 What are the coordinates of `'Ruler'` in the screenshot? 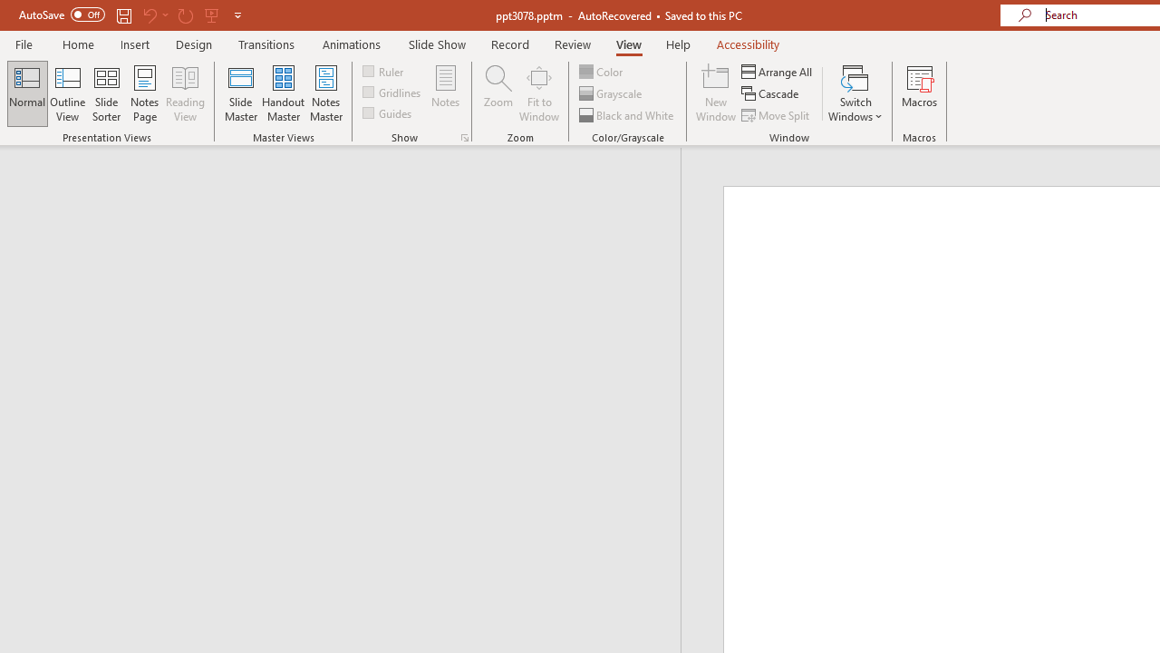 It's located at (383, 70).